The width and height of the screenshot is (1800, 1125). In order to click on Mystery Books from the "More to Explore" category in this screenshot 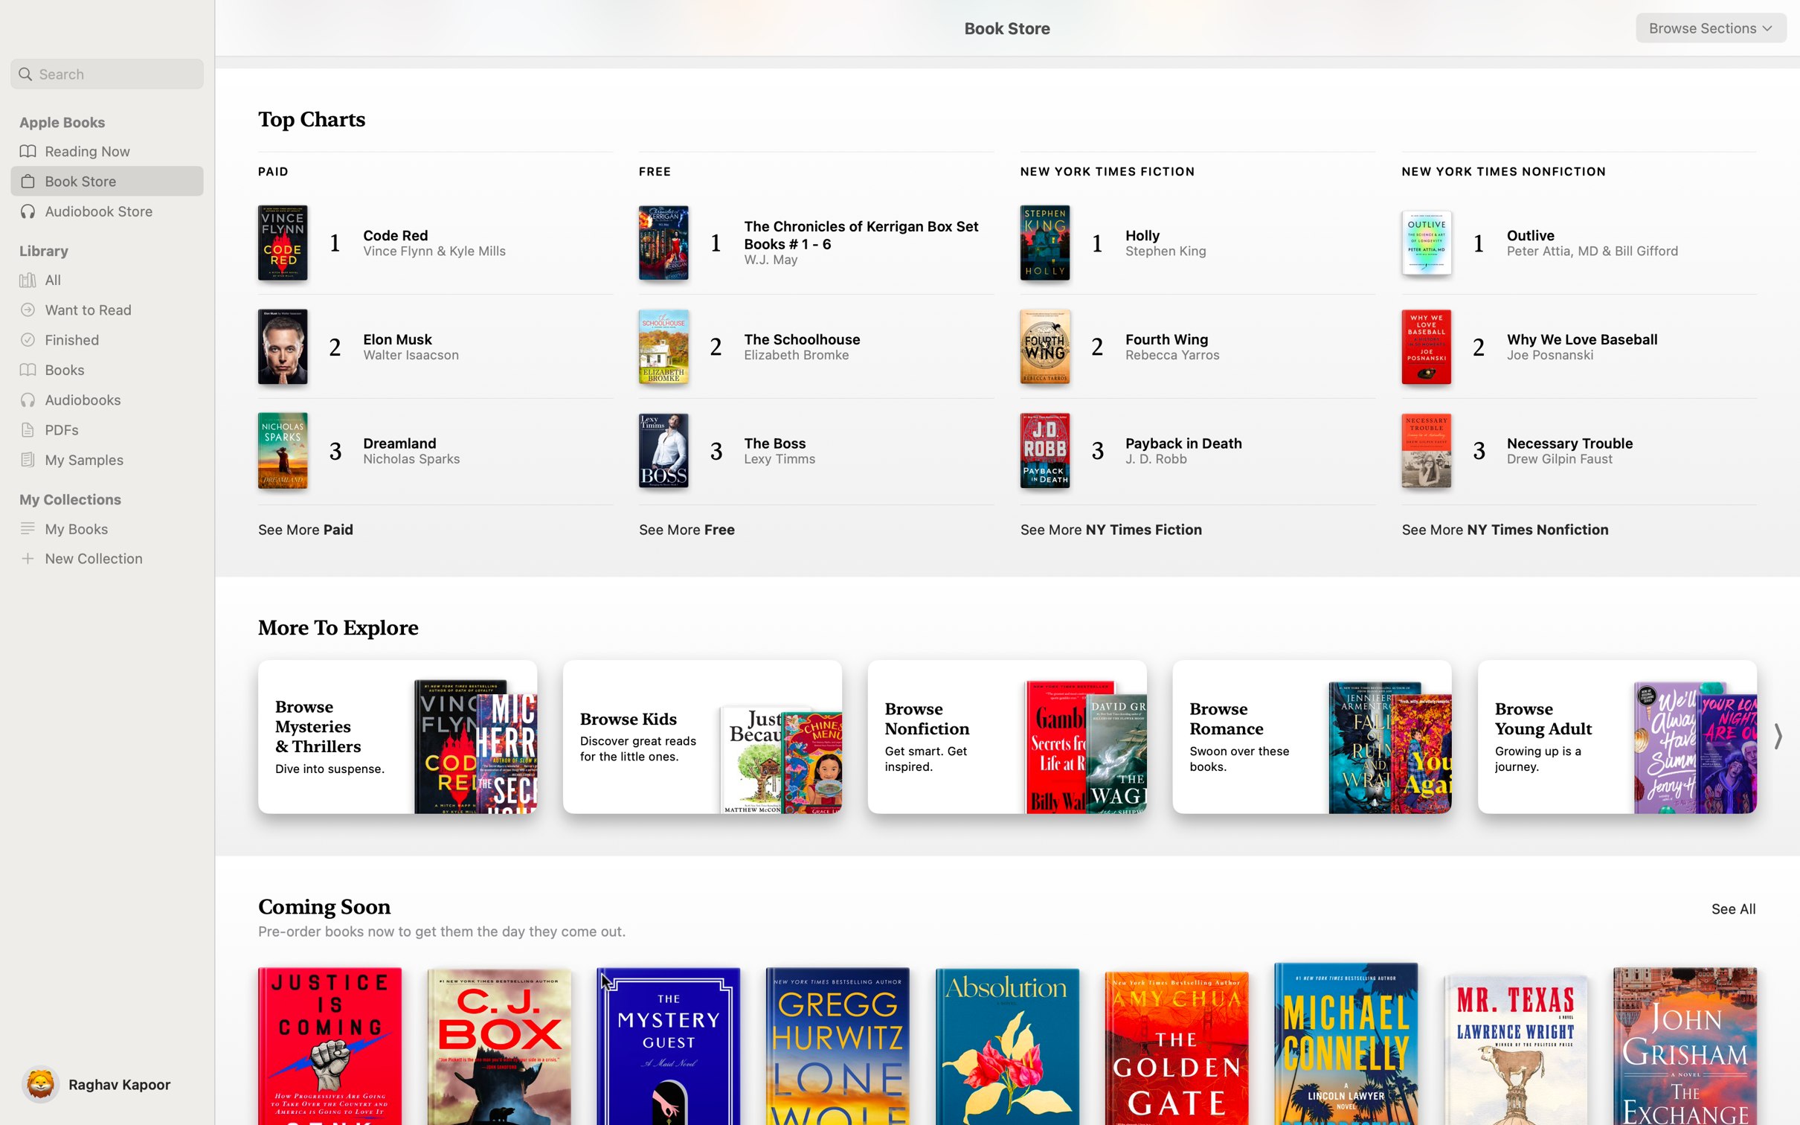, I will do `click(396, 736)`.